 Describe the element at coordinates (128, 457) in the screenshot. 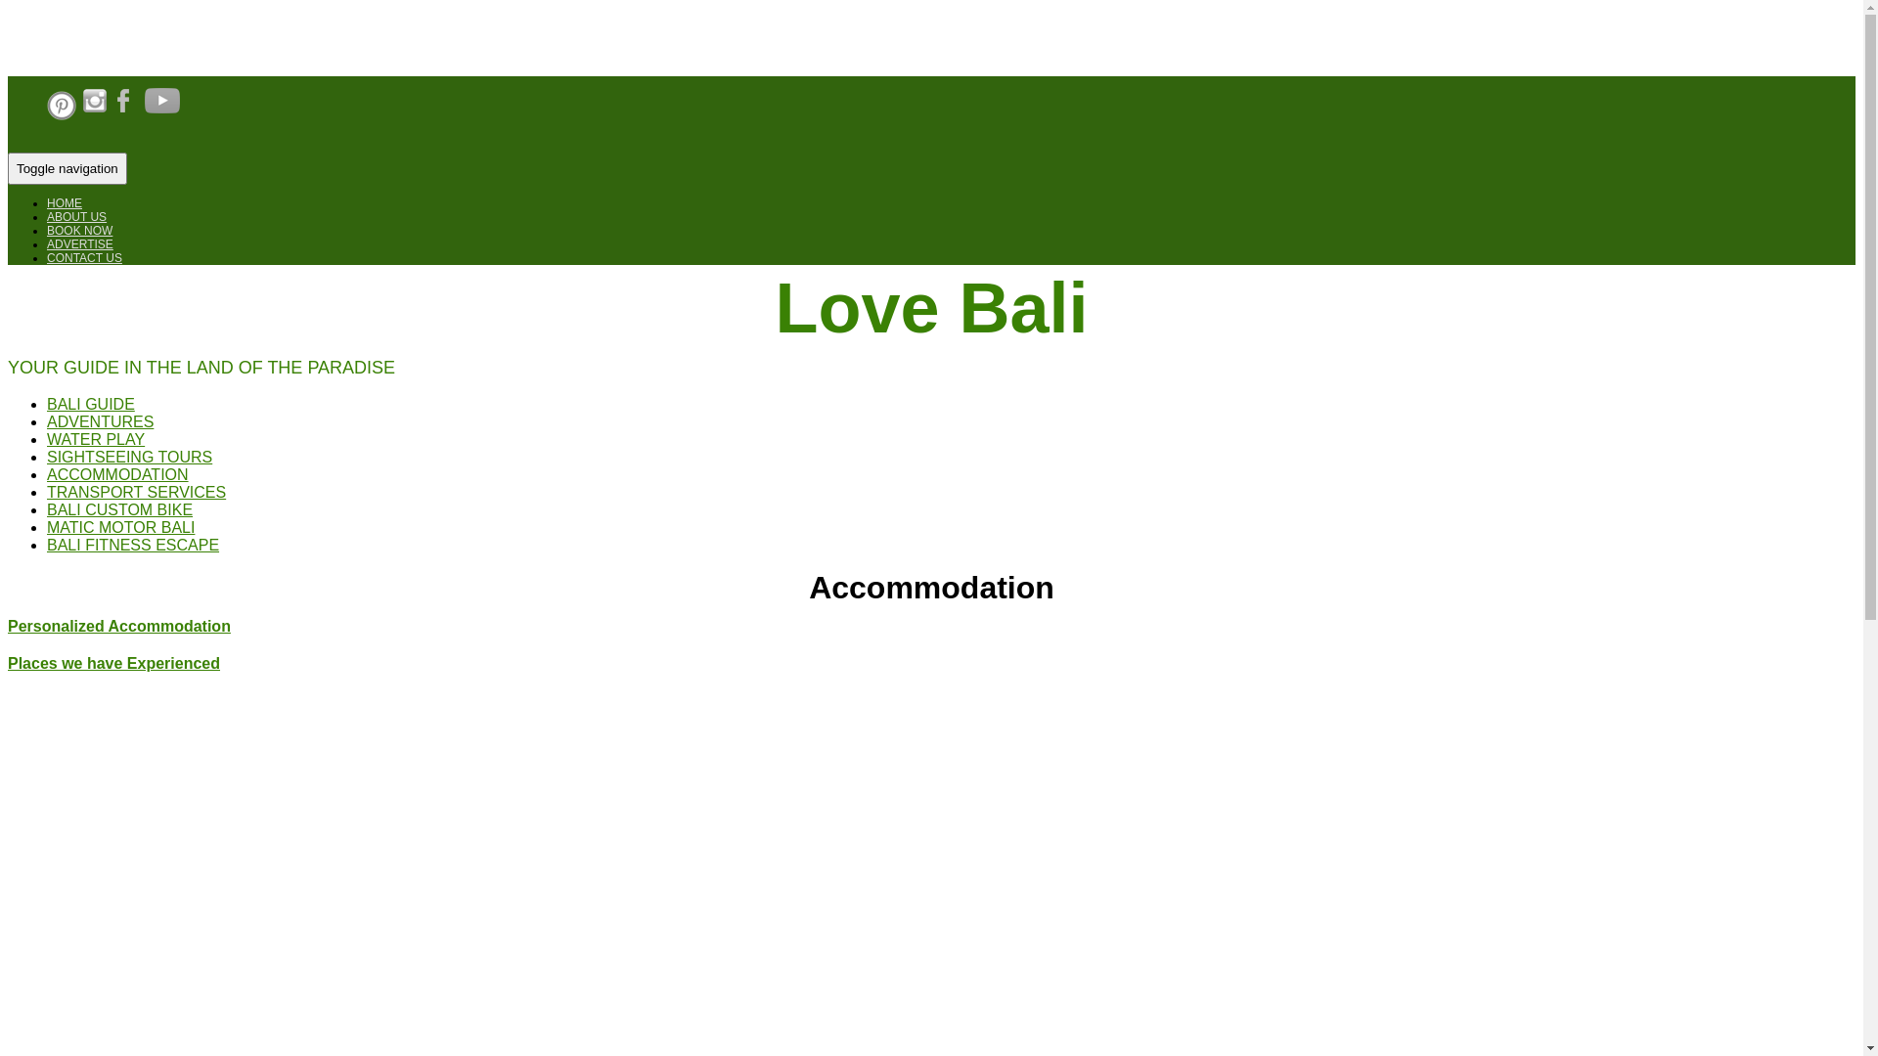

I see `'SIGHTSEEING TOURS'` at that location.